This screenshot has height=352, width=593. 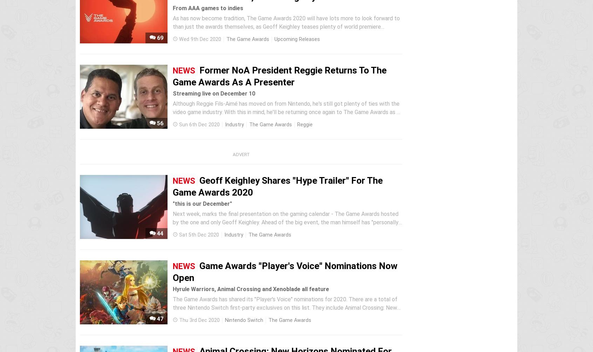 What do you see at coordinates (179, 39) in the screenshot?
I see `'Wed 9th Dec 2020'` at bounding box center [179, 39].